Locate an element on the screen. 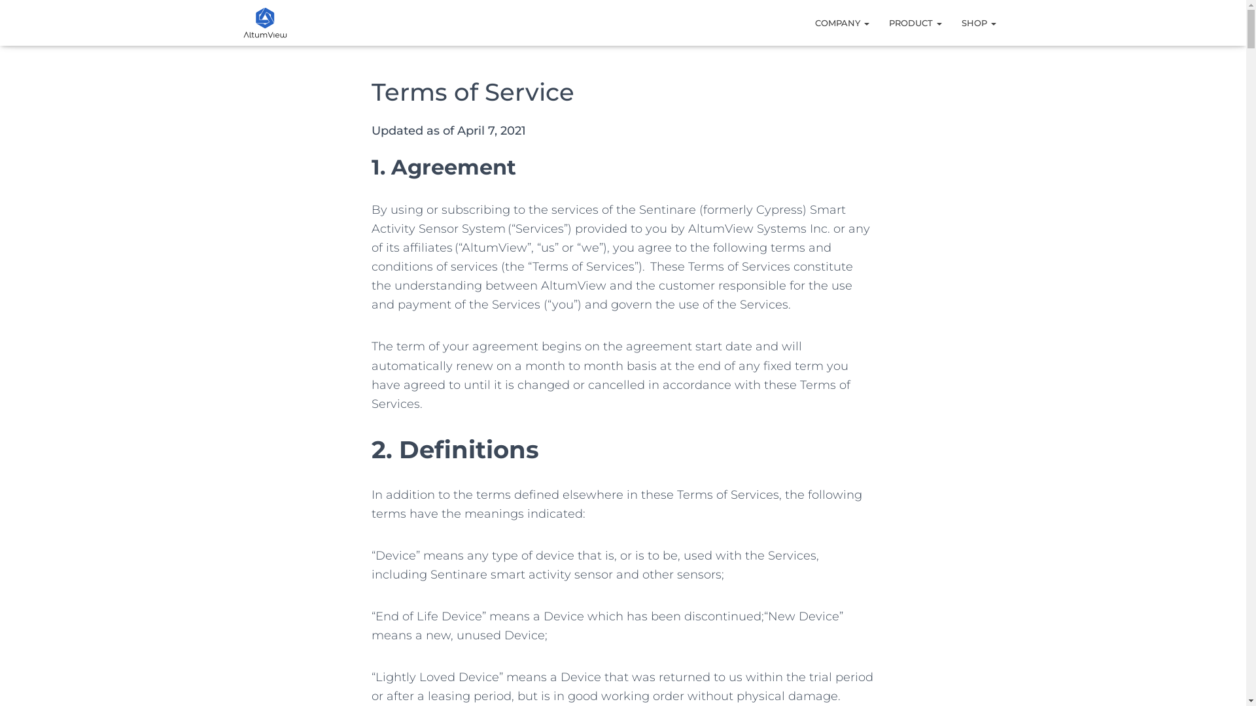 Image resolution: width=1256 pixels, height=706 pixels. 'SHOP' is located at coordinates (978, 22).